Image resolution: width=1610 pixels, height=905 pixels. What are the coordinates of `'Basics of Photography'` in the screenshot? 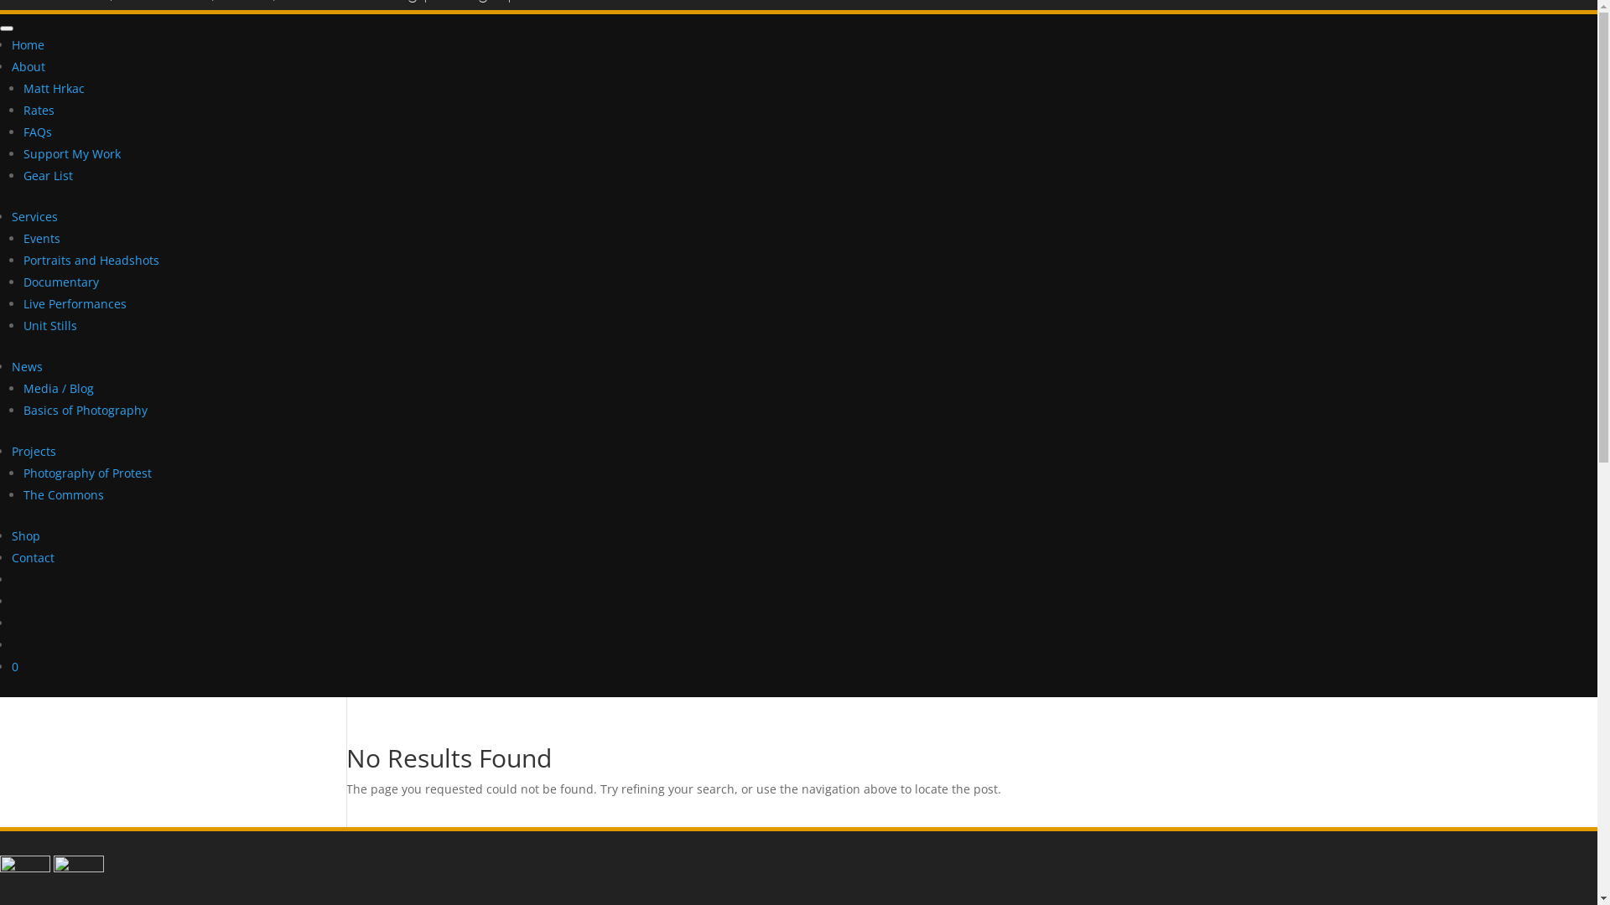 It's located at (84, 410).